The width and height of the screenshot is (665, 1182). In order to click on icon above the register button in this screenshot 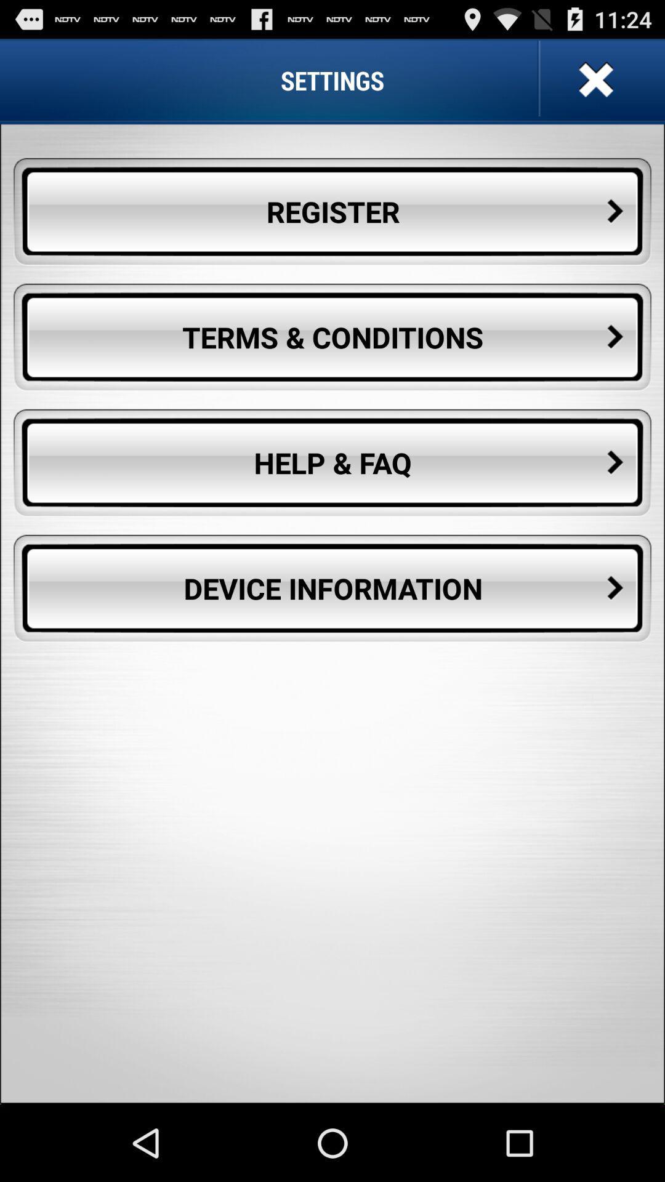, I will do `click(594, 79)`.